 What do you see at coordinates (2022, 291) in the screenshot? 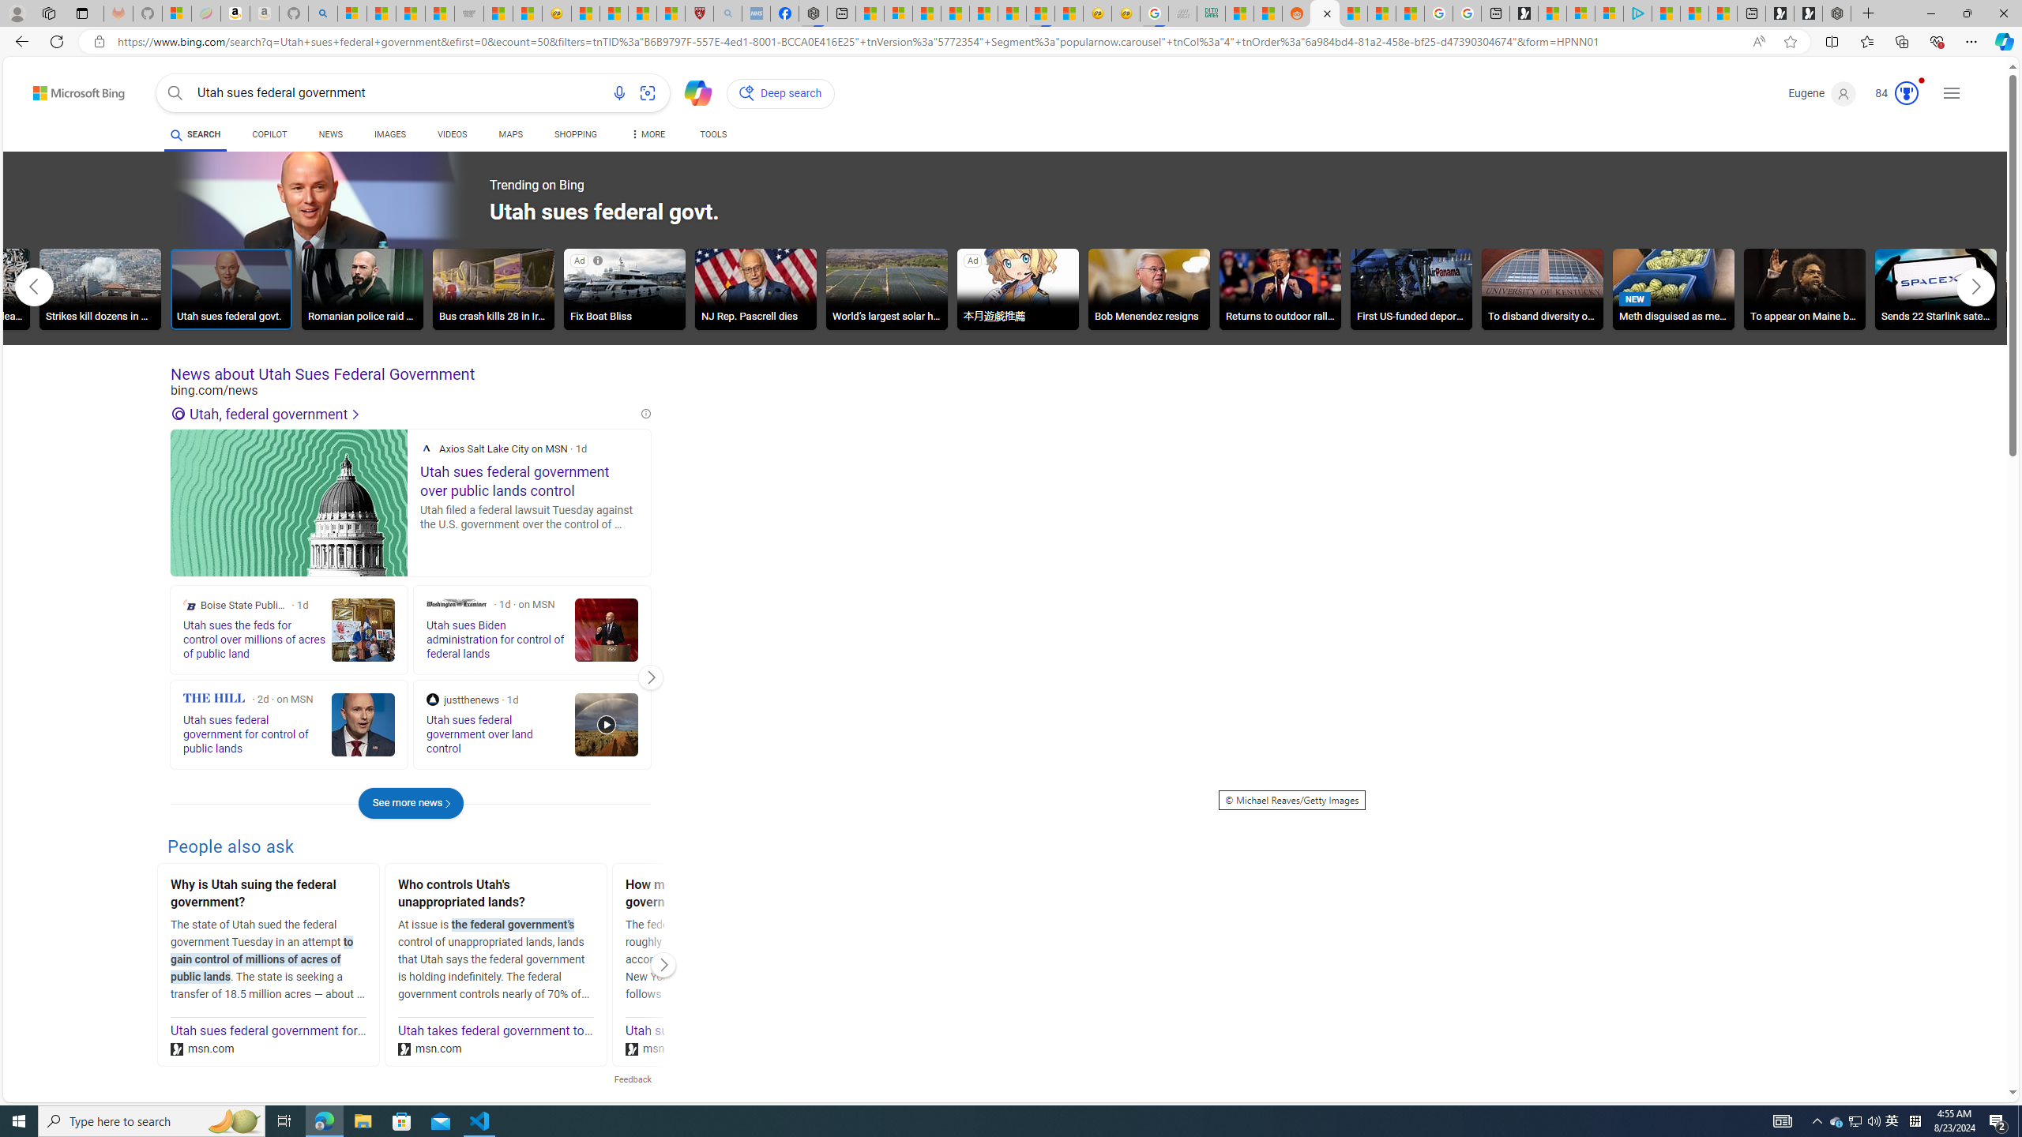
I see `'Tanker adrift in Red Sea'` at bounding box center [2022, 291].